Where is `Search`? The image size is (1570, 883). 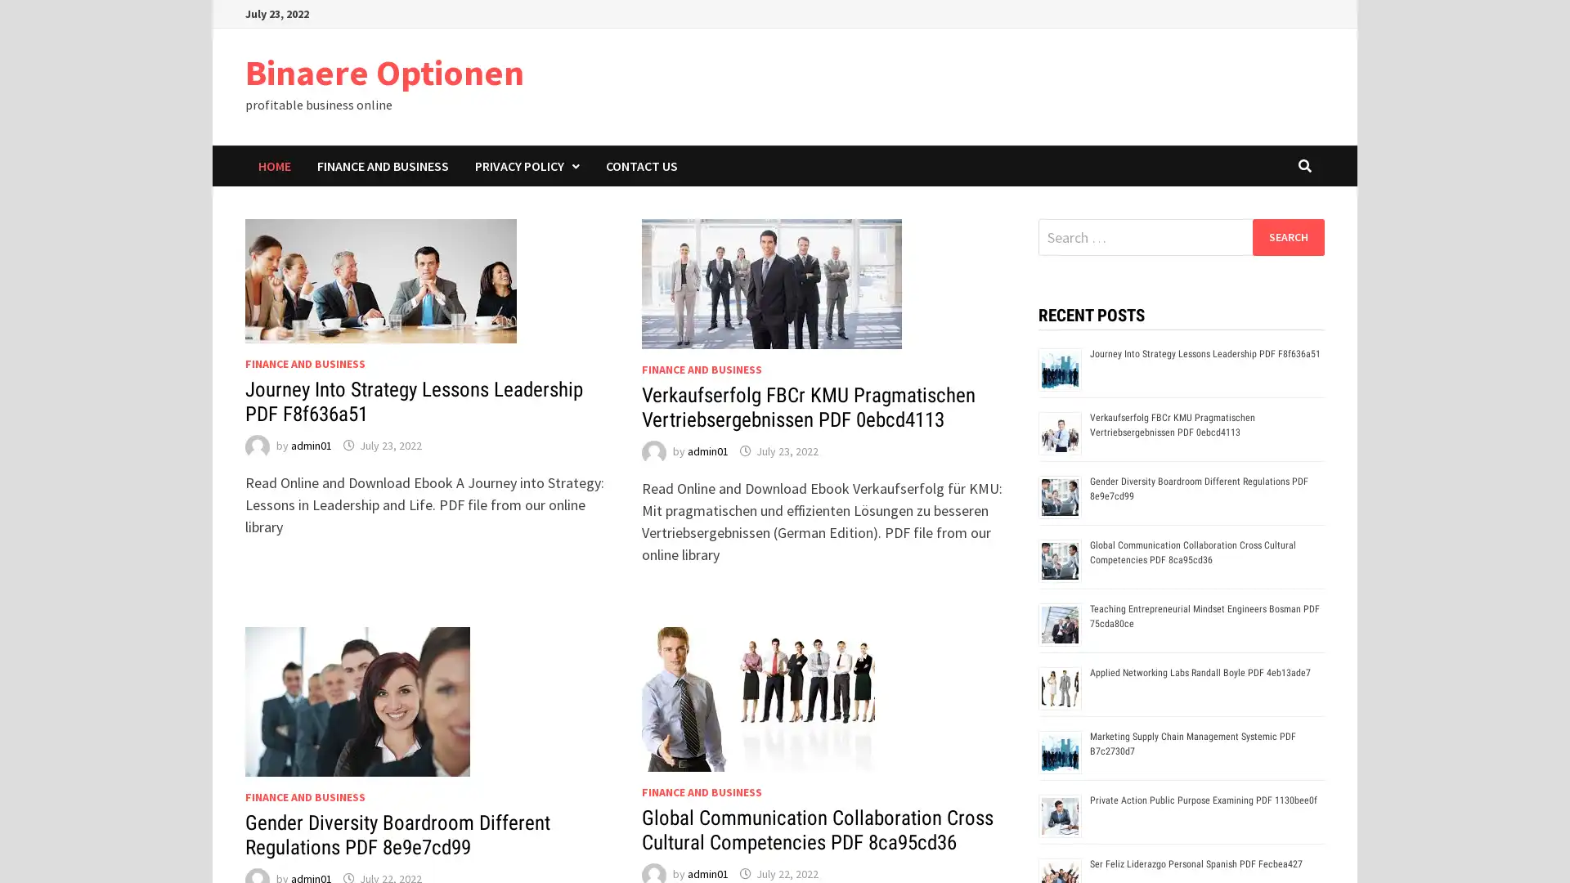 Search is located at coordinates (1287, 236).